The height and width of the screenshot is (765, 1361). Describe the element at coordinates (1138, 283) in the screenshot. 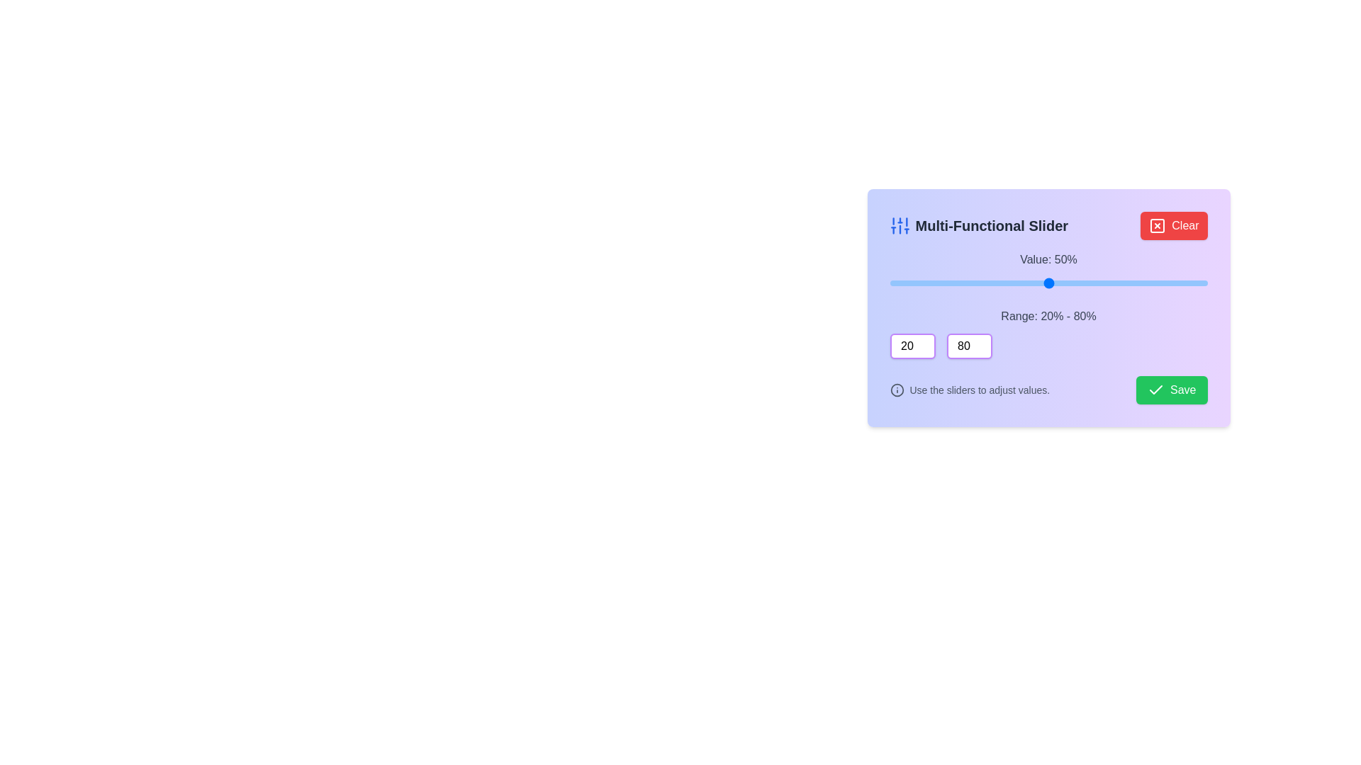

I see `the slider value` at that location.